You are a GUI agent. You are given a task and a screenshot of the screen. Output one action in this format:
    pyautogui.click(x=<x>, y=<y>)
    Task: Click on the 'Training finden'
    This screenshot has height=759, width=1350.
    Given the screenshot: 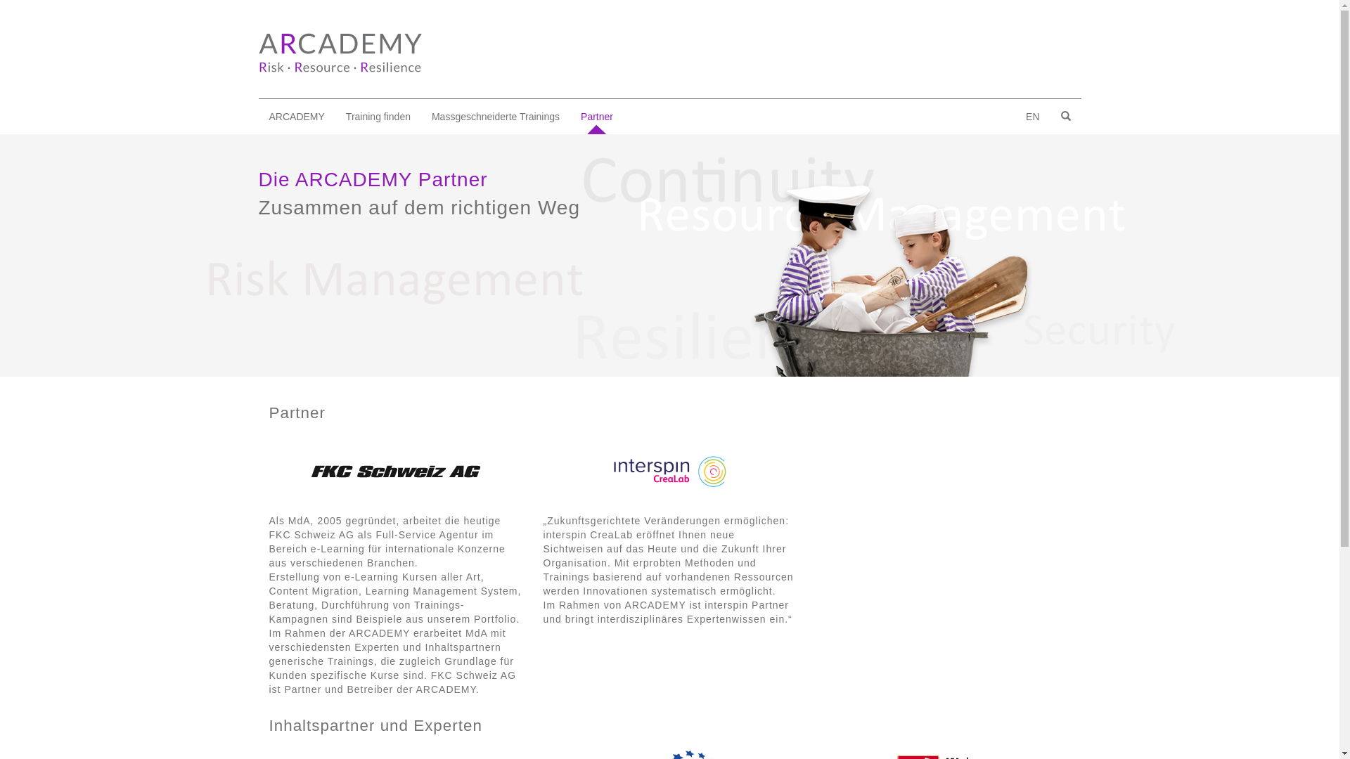 What is the action you would take?
    pyautogui.click(x=378, y=115)
    